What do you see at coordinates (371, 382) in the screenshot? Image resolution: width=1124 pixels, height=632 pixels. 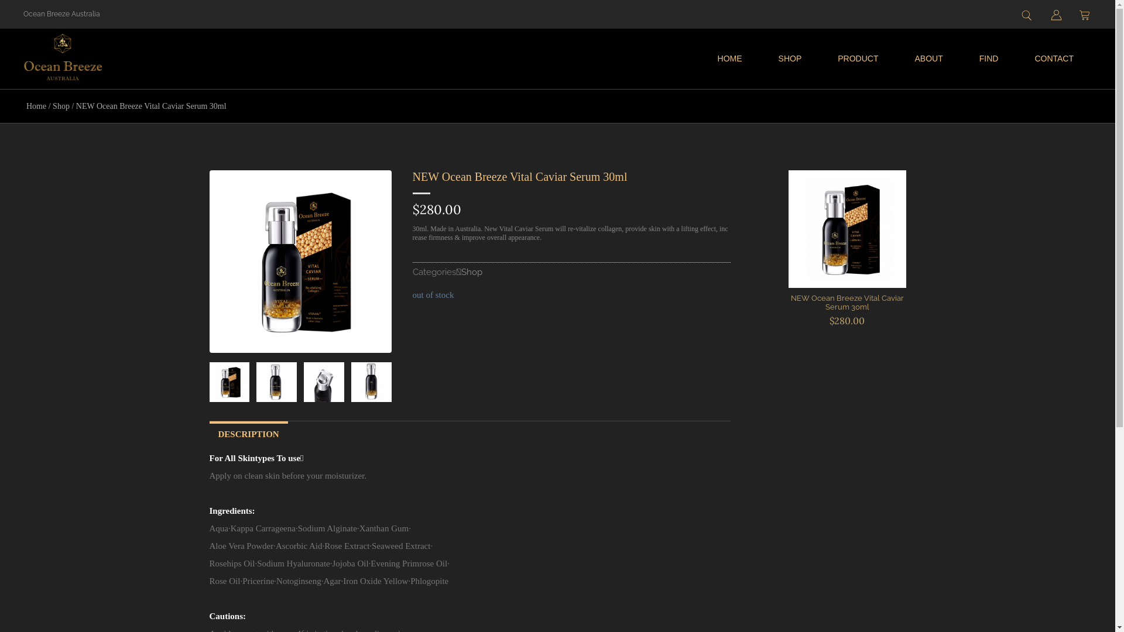 I see `'3'` at bounding box center [371, 382].